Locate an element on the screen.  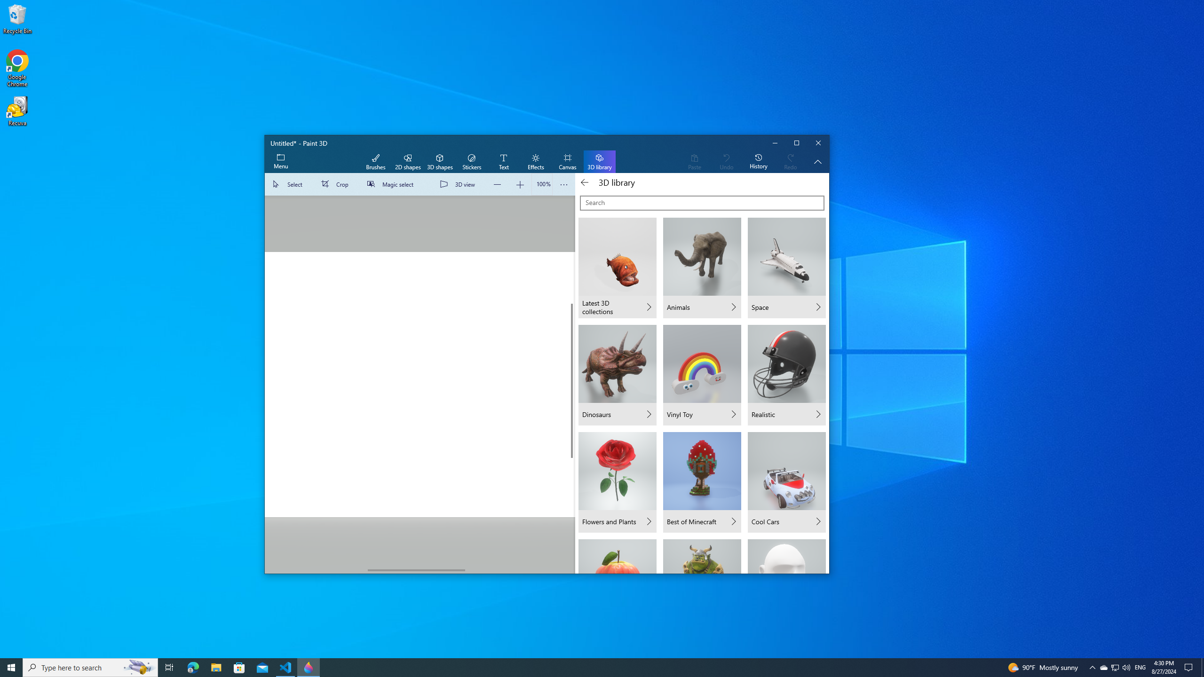
'Characters' is located at coordinates (701, 556).